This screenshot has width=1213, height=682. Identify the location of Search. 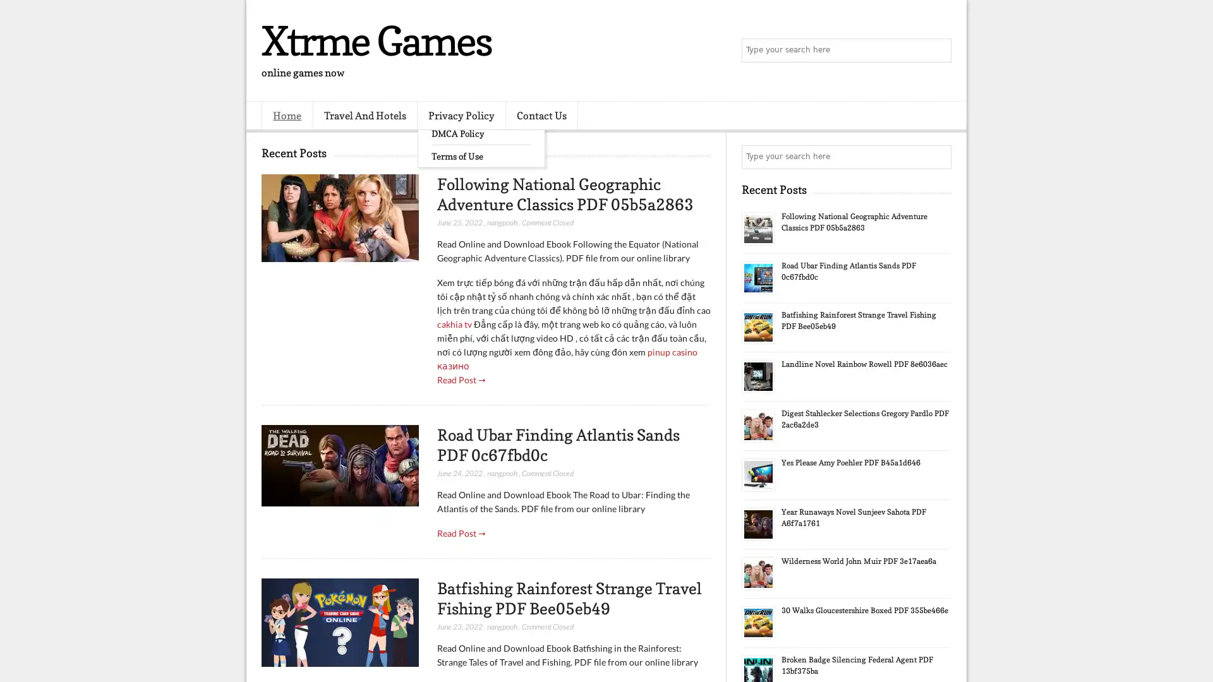
(938, 157).